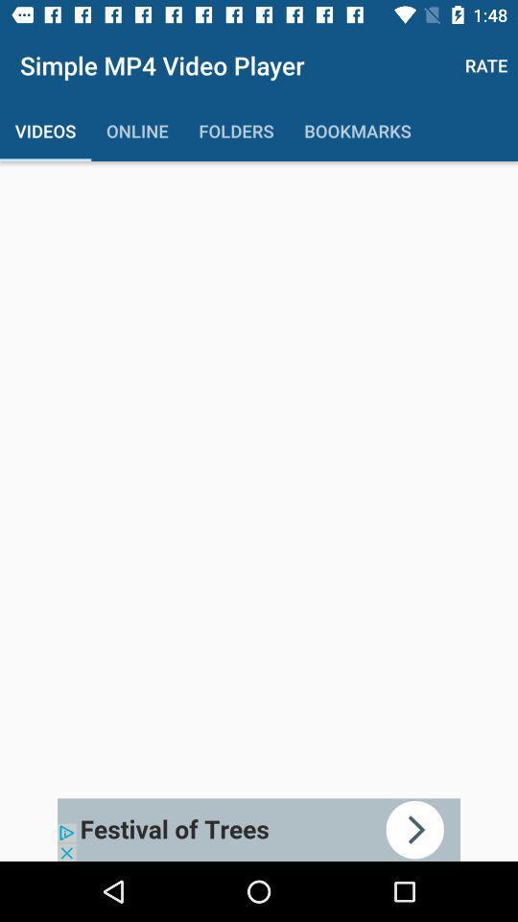 The width and height of the screenshot is (518, 922). I want to click on the label icon, so click(19, 20).